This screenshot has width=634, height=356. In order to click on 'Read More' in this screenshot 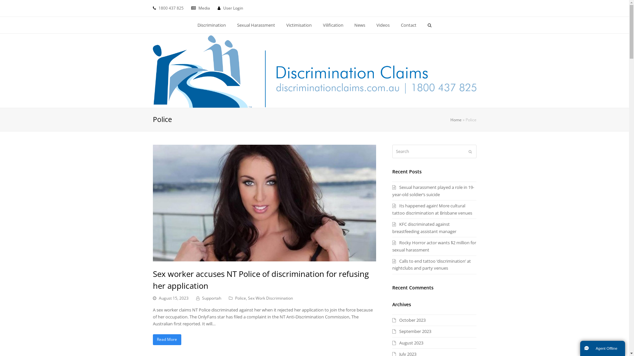, I will do `click(167, 340)`.